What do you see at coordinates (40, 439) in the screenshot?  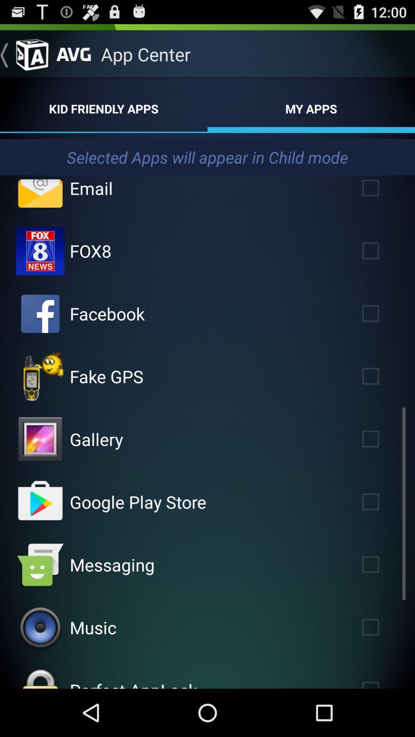 I see `choose app` at bounding box center [40, 439].